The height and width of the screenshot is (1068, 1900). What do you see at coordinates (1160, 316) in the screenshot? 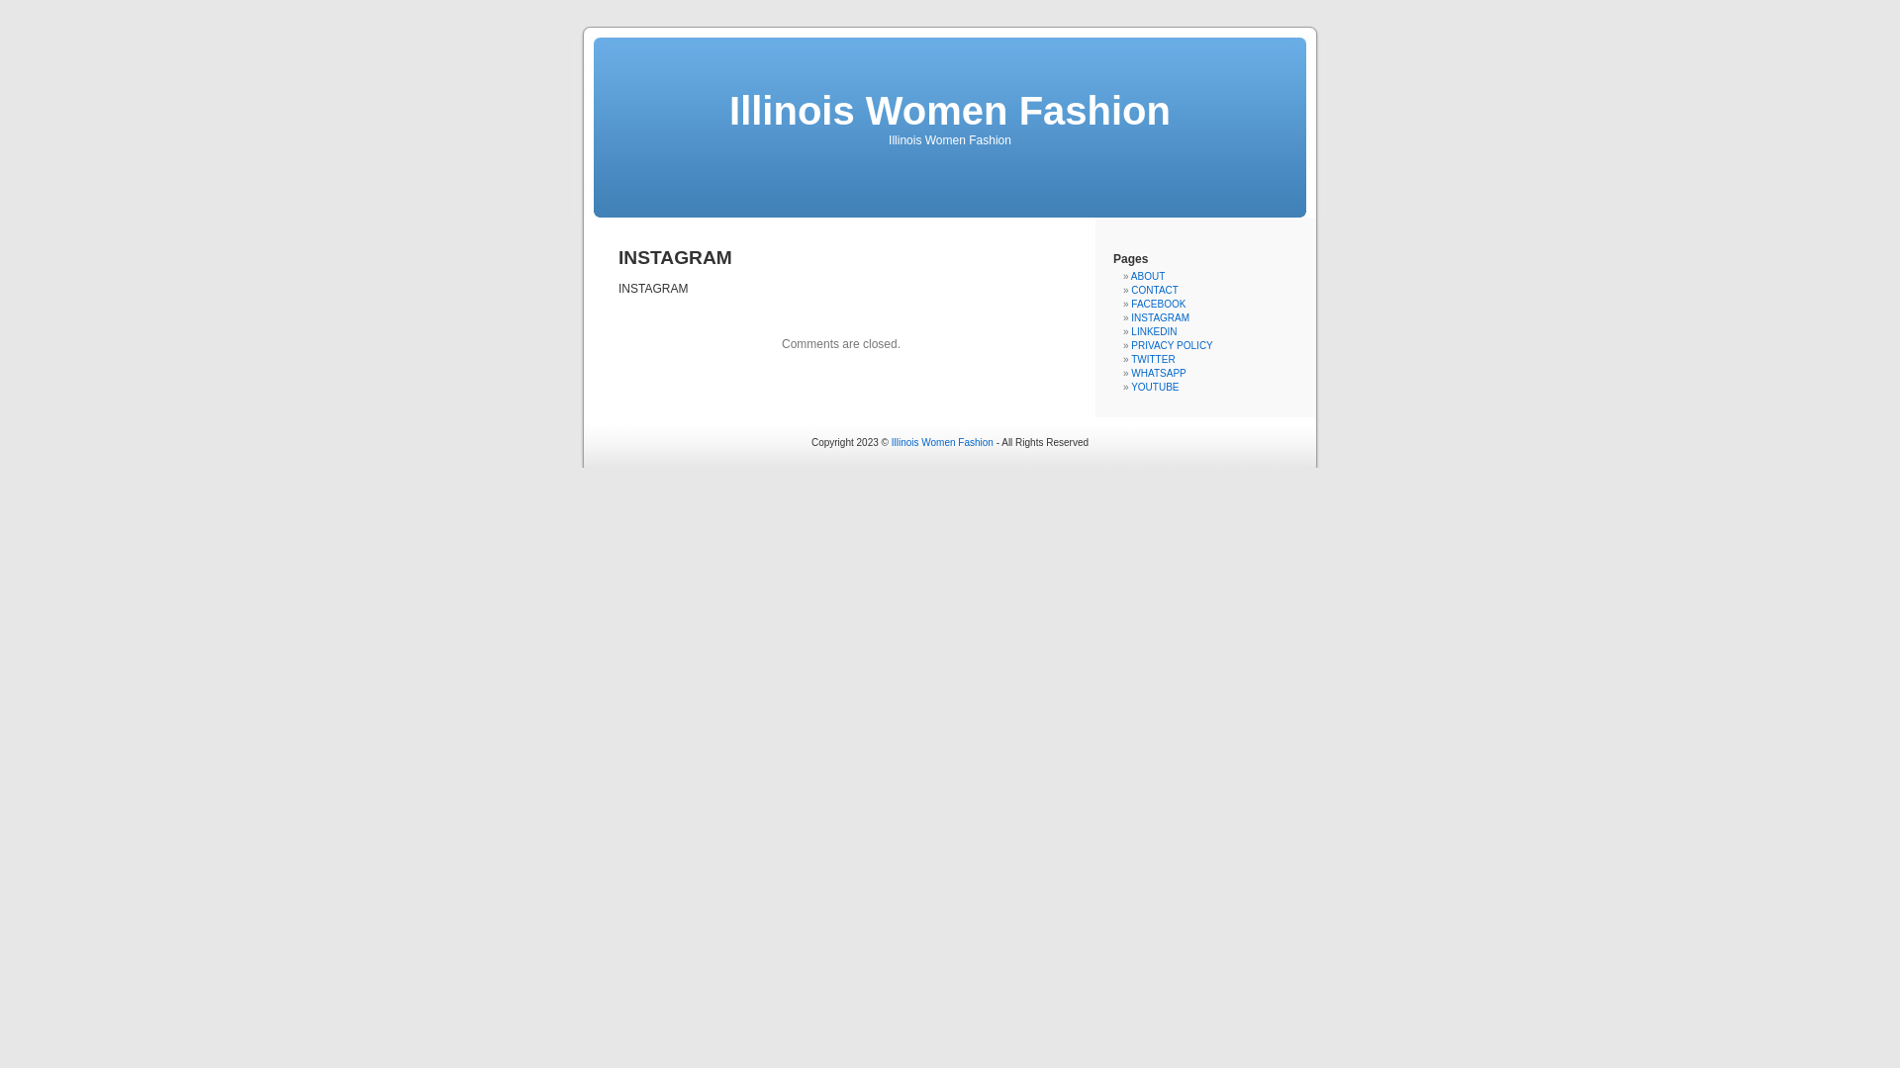
I see `'INSTAGRAM'` at bounding box center [1160, 316].